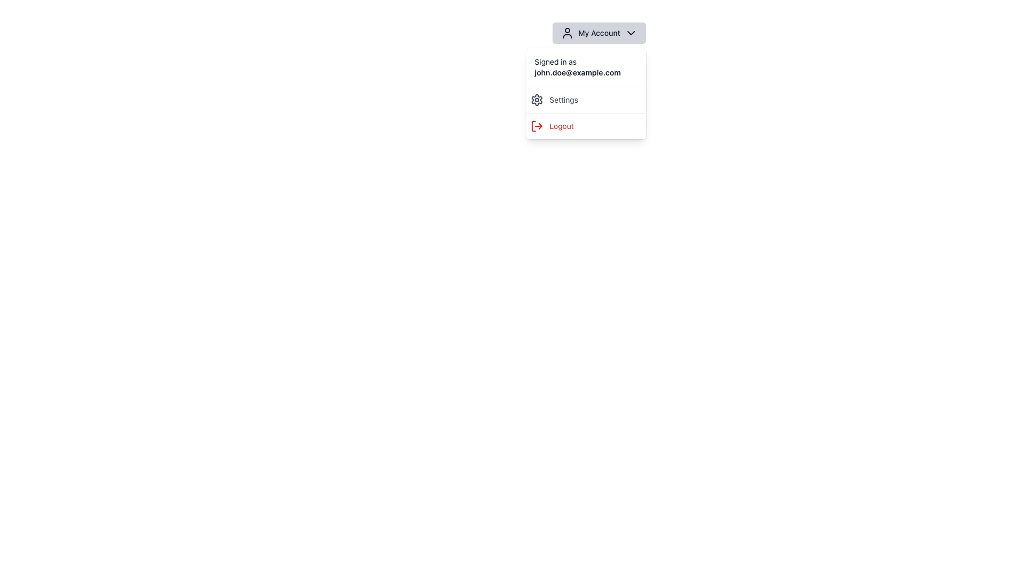 The width and height of the screenshot is (1027, 578). What do you see at coordinates (537, 100) in the screenshot?
I see `the gear-like icon associated with the settings option located beneath the 'My Account' dropdown menu` at bounding box center [537, 100].